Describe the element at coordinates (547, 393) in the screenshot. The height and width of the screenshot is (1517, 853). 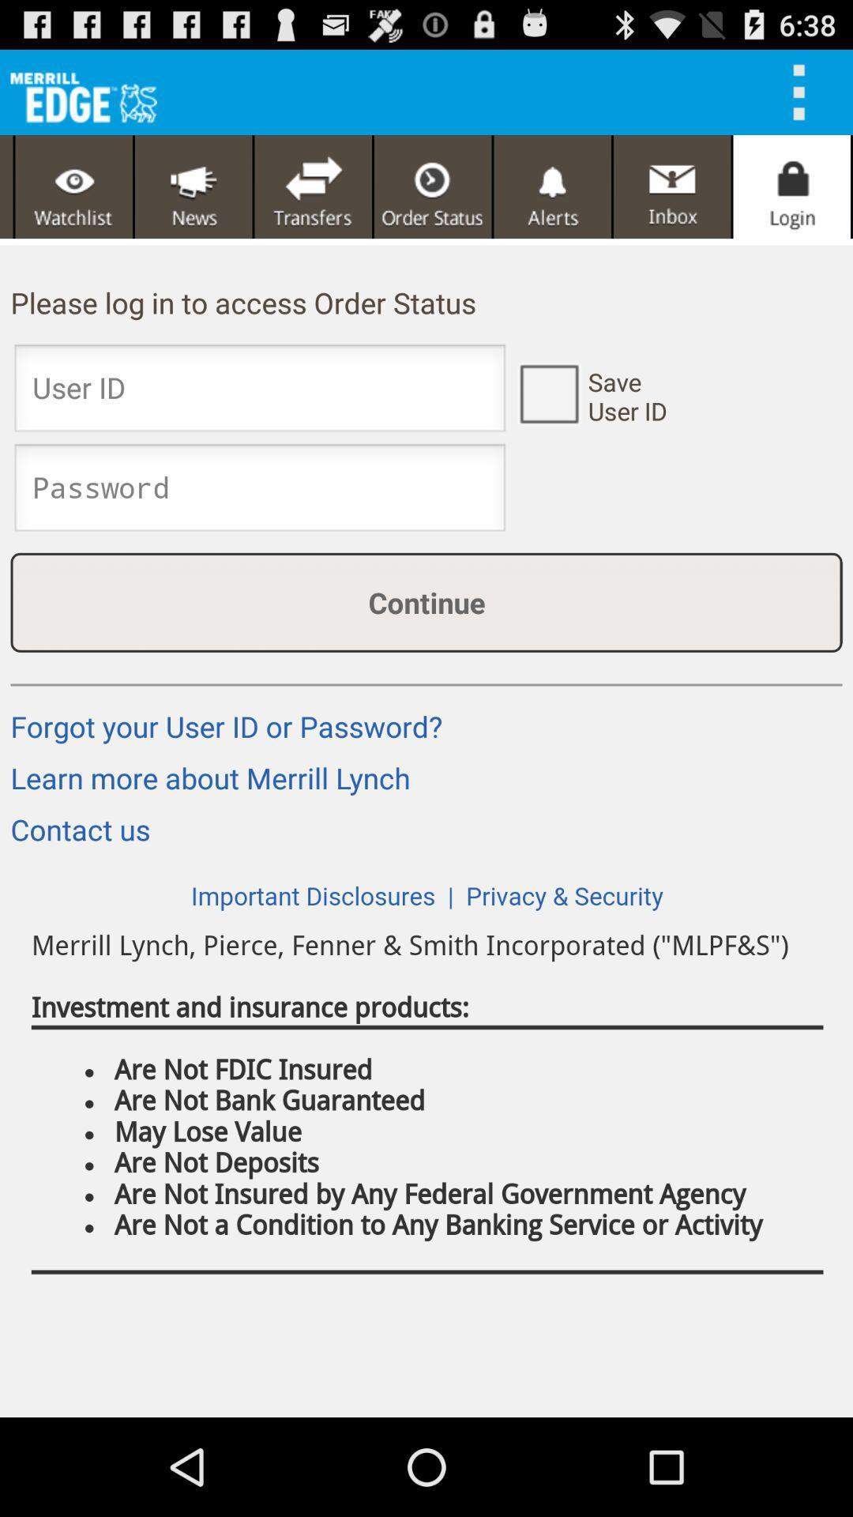
I see `user id` at that location.